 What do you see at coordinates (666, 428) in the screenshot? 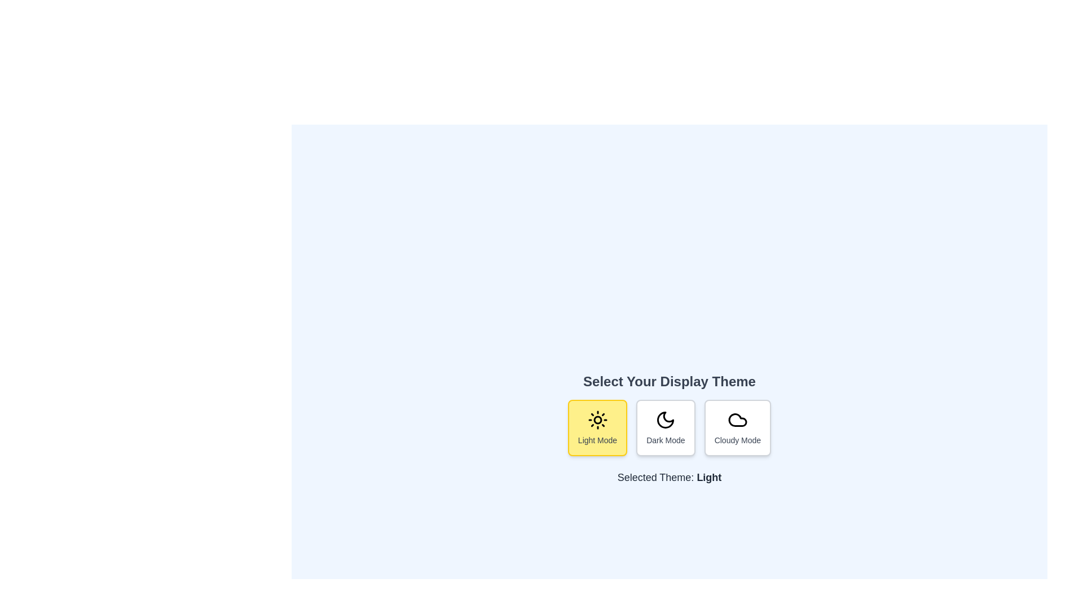
I see `the Dark Mode button to see its hover effect` at bounding box center [666, 428].